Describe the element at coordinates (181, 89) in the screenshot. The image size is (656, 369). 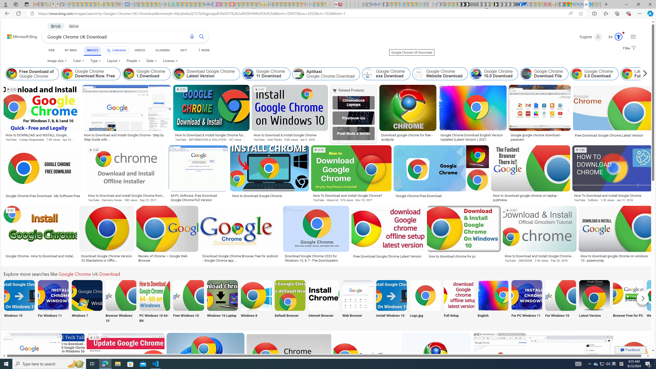
I see `'2:33'` at that location.